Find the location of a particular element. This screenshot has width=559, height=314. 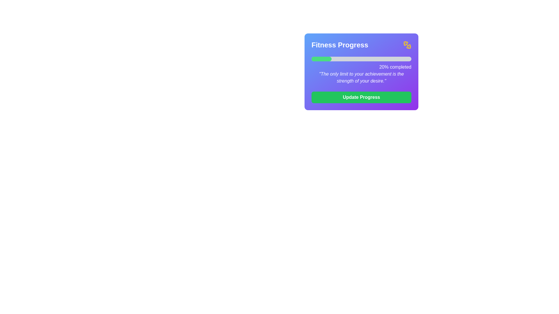

the 'Update Progress' button, which is a bright green rectangular button with rounded corners, located at the bottom center of the card layout is located at coordinates (361, 97).